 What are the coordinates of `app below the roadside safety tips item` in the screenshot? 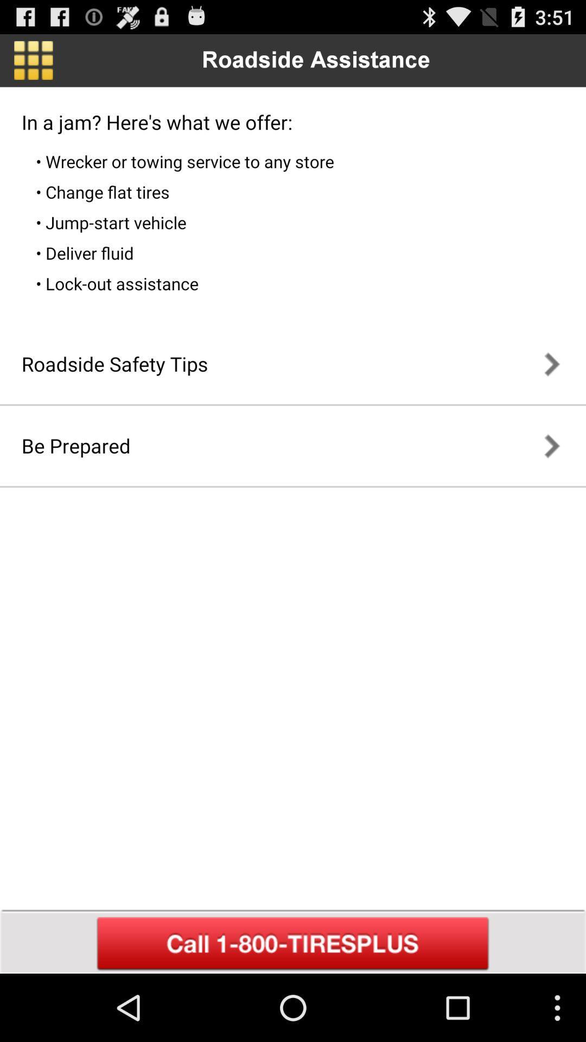 It's located at (75, 446).